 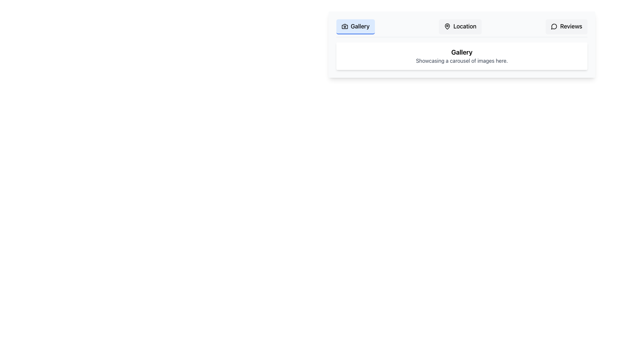 I want to click on the camera icon located in the 'Gallery' tab, so click(x=345, y=26).